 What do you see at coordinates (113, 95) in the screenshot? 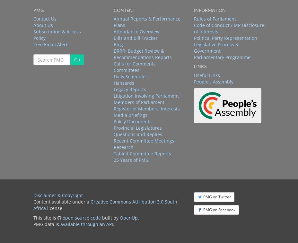
I see `'Litigation involving Parliament'` at bounding box center [113, 95].